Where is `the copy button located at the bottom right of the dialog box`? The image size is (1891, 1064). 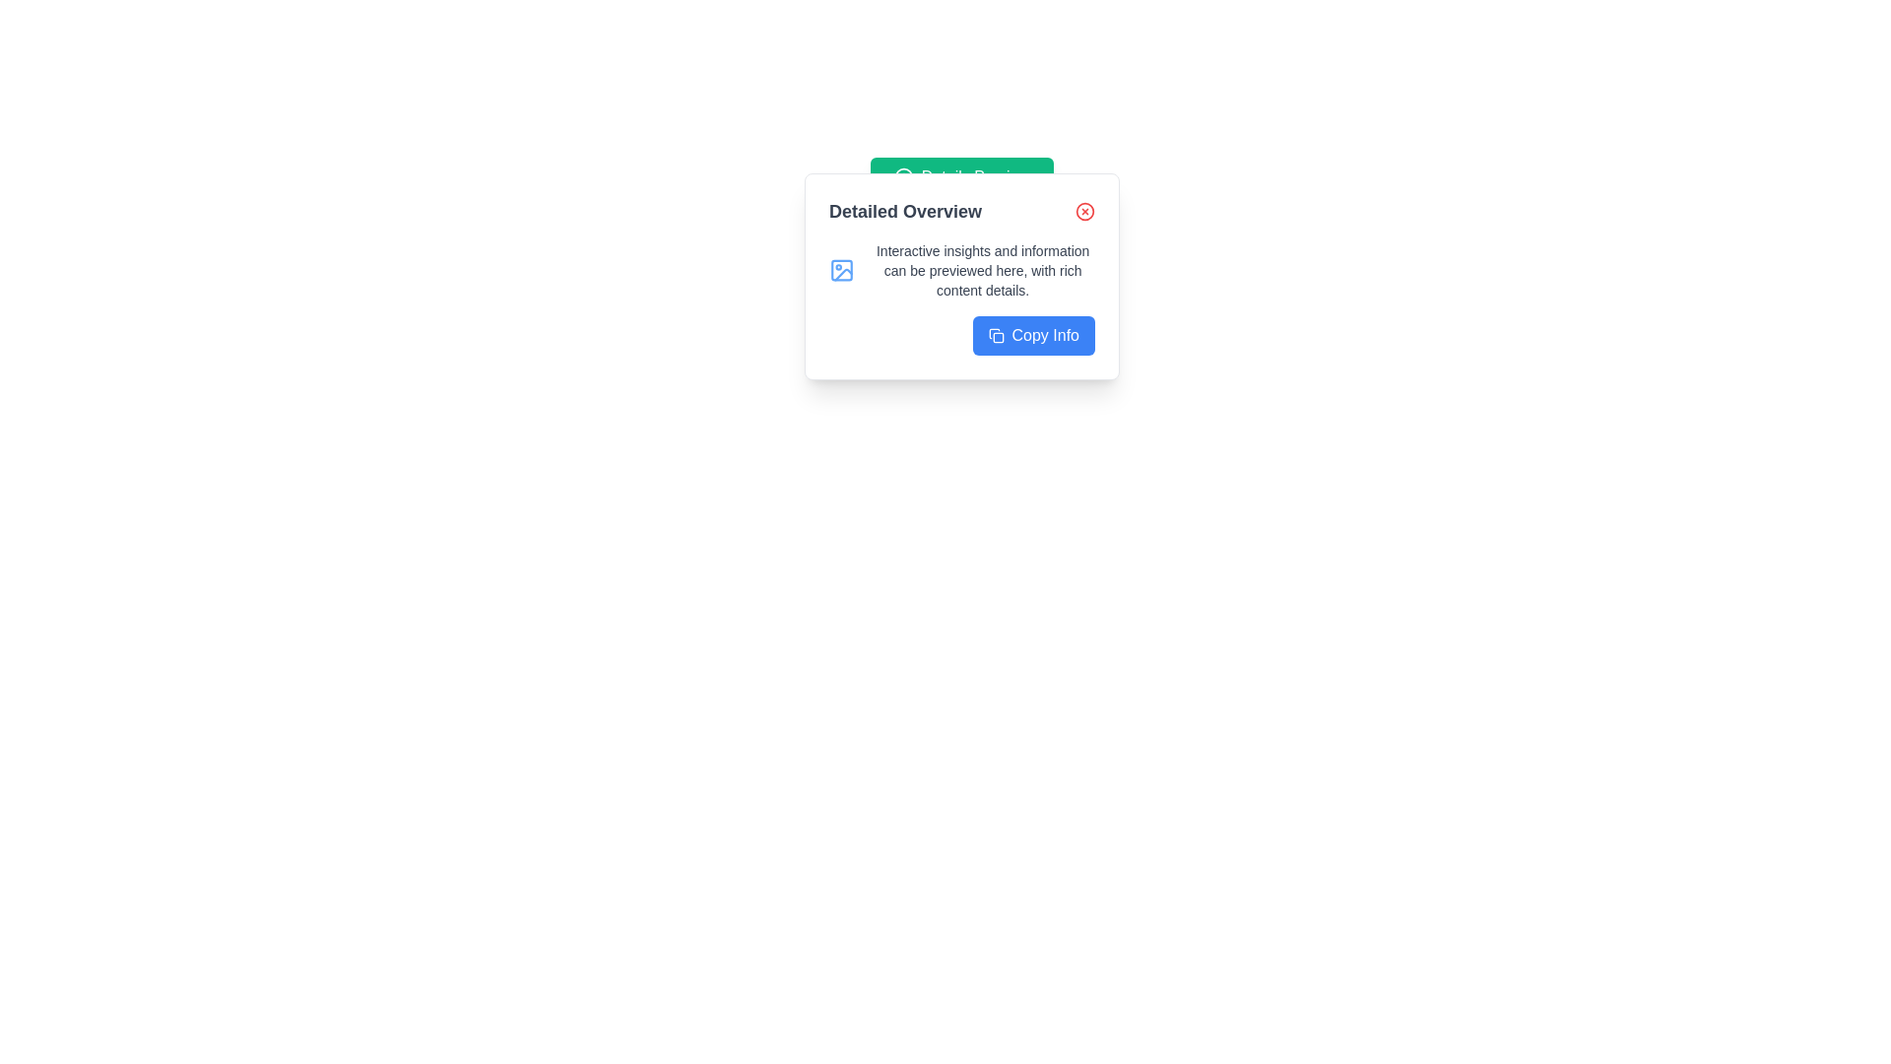 the copy button located at the bottom right of the dialog box is located at coordinates (1032, 334).